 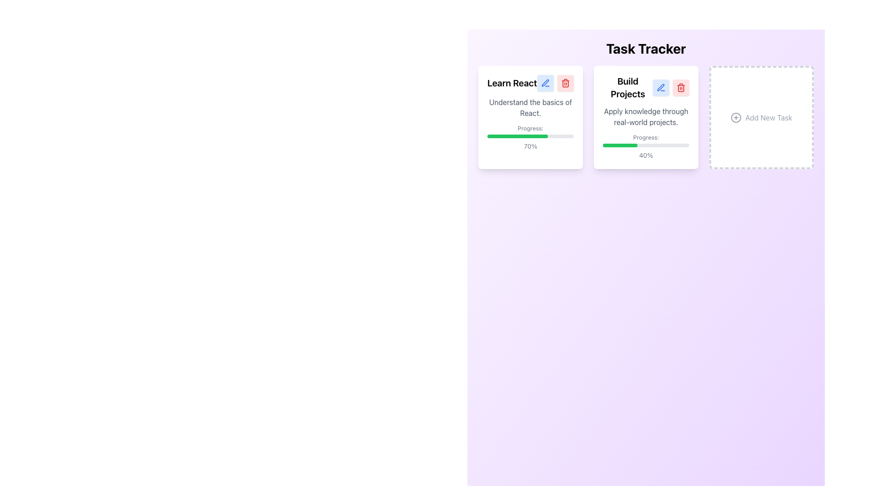 What do you see at coordinates (645, 155) in the screenshot?
I see `text label displaying '40%' that indicates the progress percentage for the task located below the progress bar in the 'Build Projects' card` at bounding box center [645, 155].